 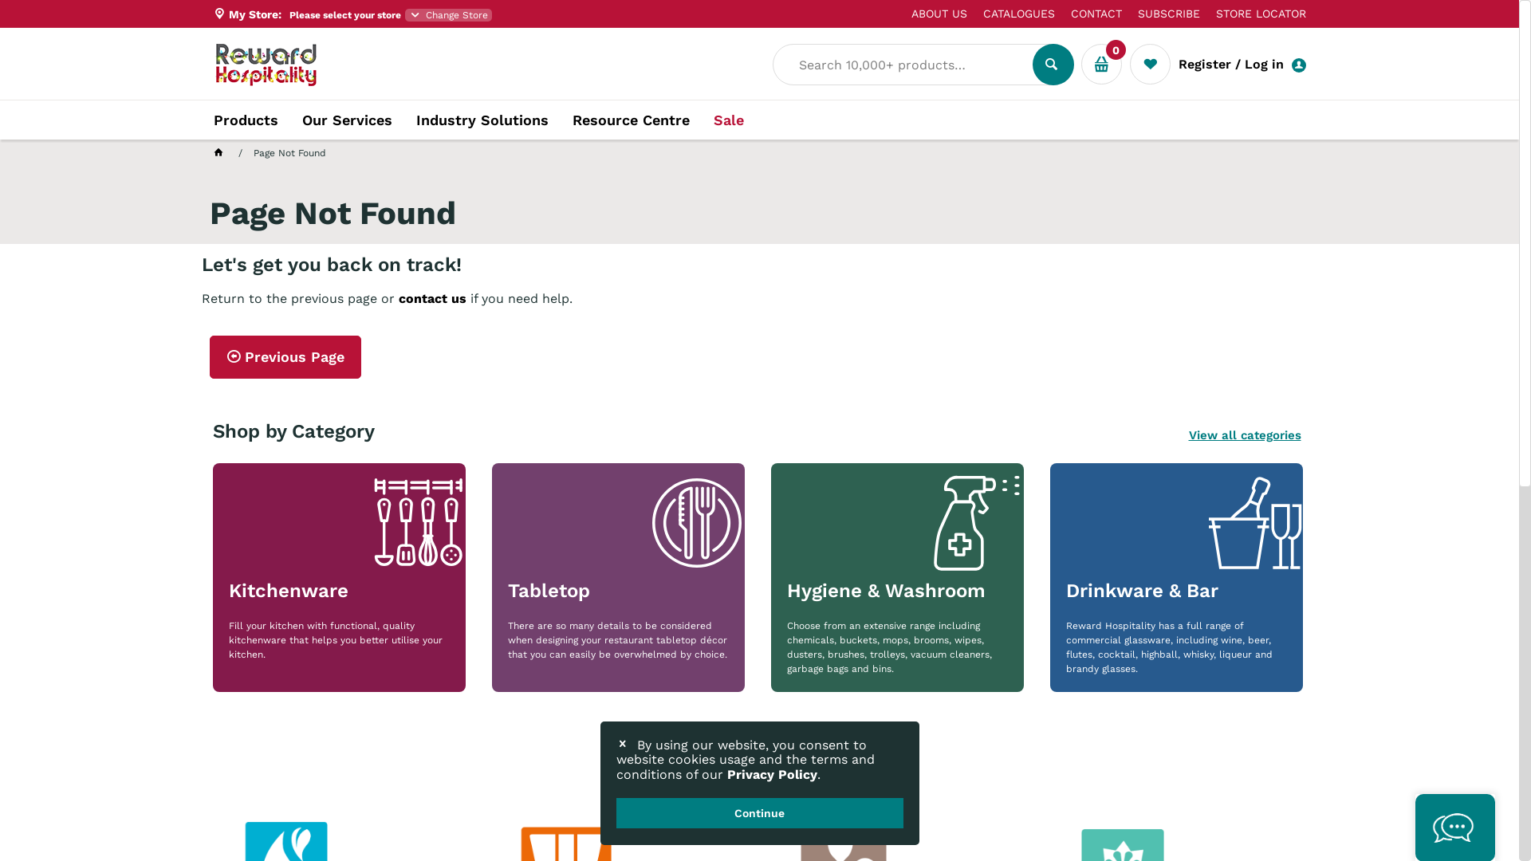 What do you see at coordinates (930, 13) in the screenshot?
I see `'ABOUT US'` at bounding box center [930, 13].